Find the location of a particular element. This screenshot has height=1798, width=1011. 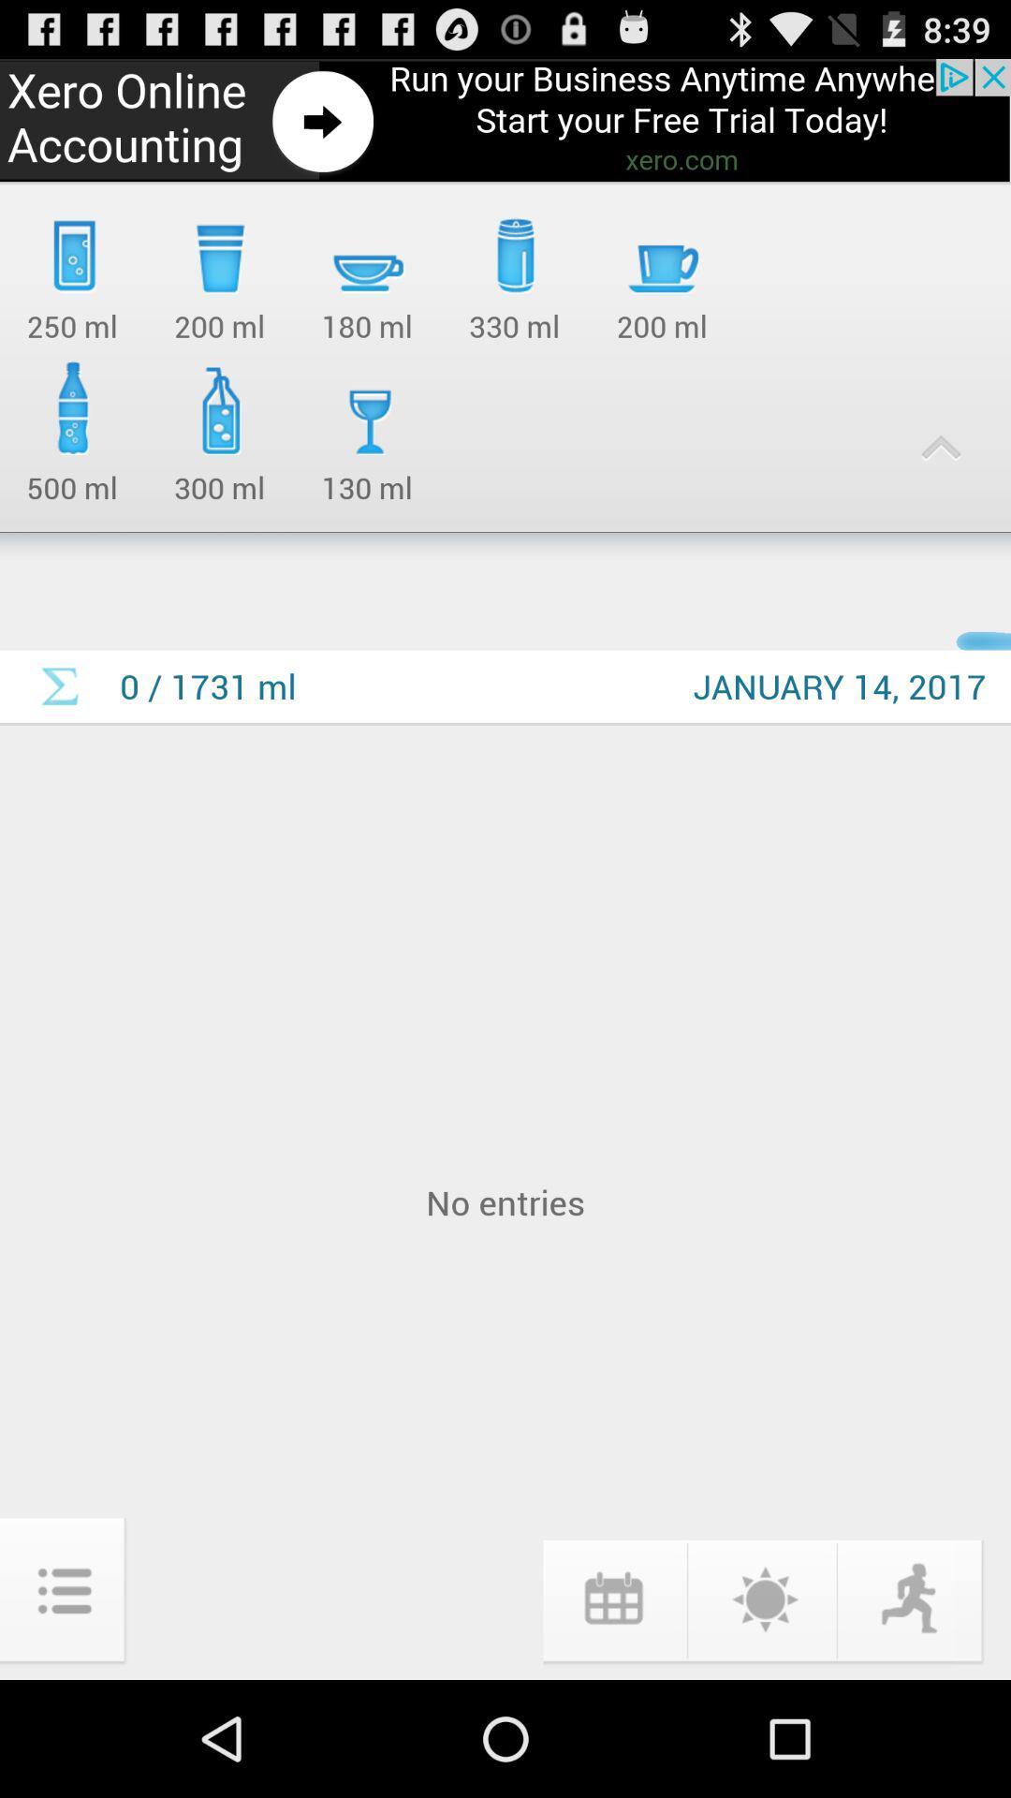

the date_range icon is located at coordinates (612, 1710).